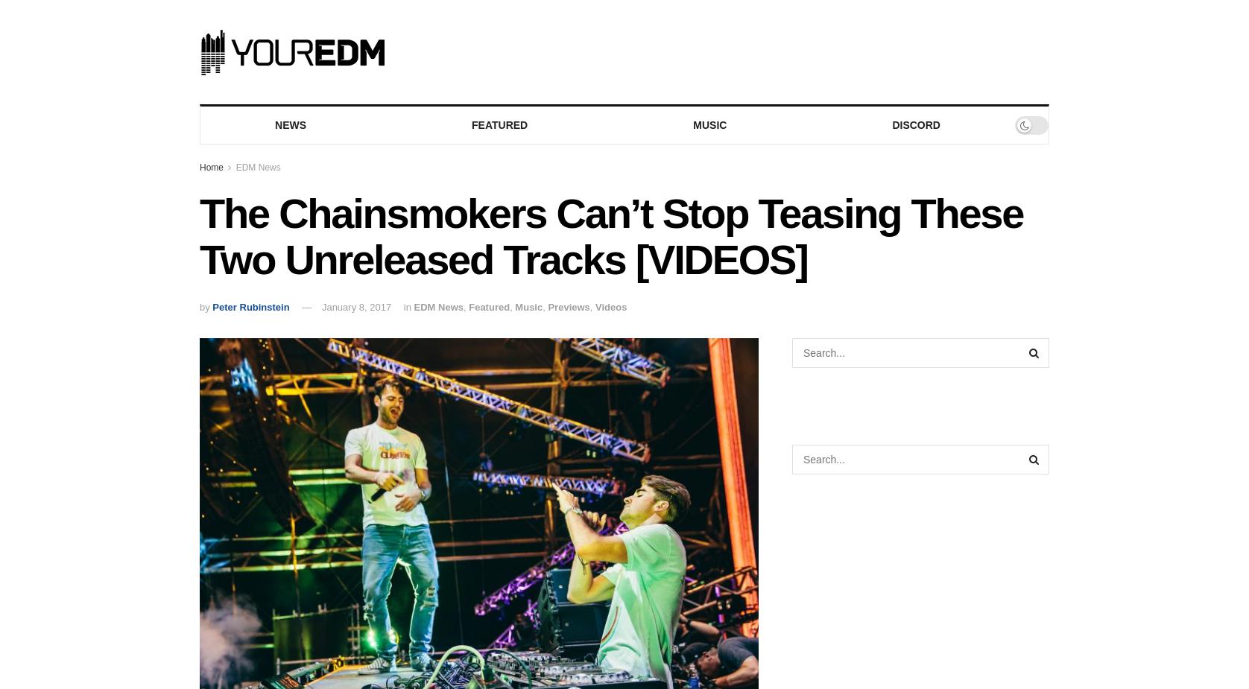 The width and height of the screenshot is (1249, 689). What do you see at coordinates (610, 235) in the screenshot?
I see `'The Chainsmokers Can’t Stop Teasing These Two Unreleased Tracks [VIDEOS]'` at bounding box center [610, 235].